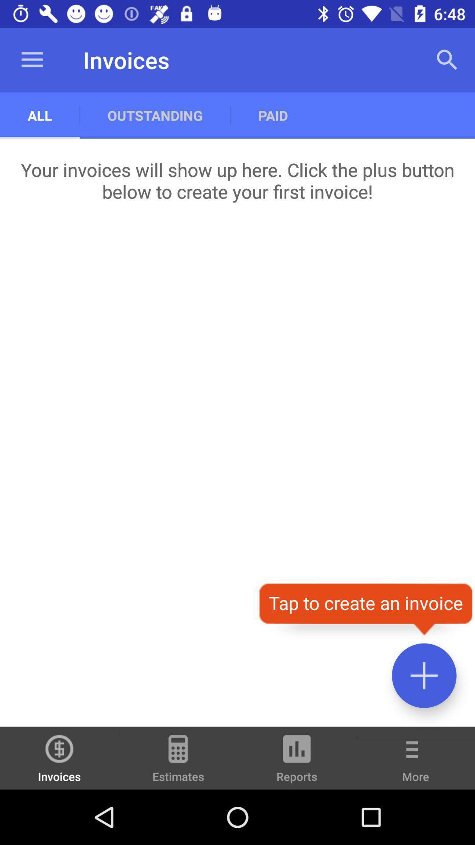 The image size is (475, 845). What do you see at coordinates (154, 115) in the screenshot?
I see `the app to the right of the all app` at bounding box center [154, 115].